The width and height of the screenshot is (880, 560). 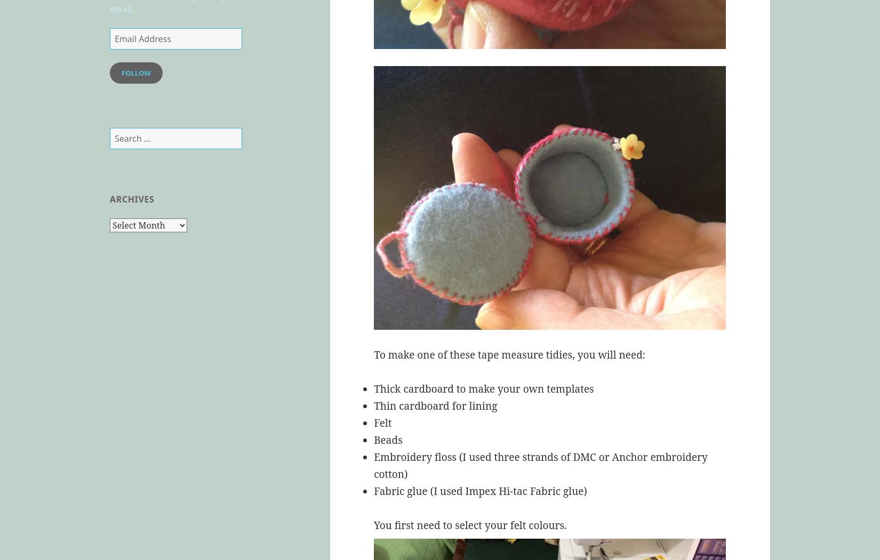 I want to click on 'Archives', so click(x=109, y=199).